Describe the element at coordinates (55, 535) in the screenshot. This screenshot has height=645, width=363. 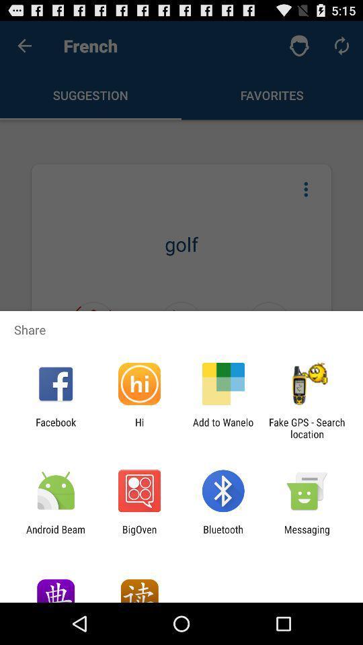
I see `the android beam` at that location.